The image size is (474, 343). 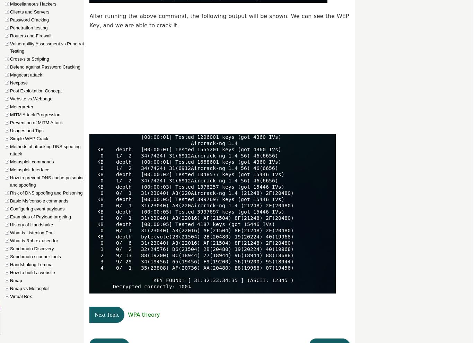 What do you see at coordinates (29, 11) in the screenshot?
I see `'Clients and Servers'` at bounding box center [29, 11].